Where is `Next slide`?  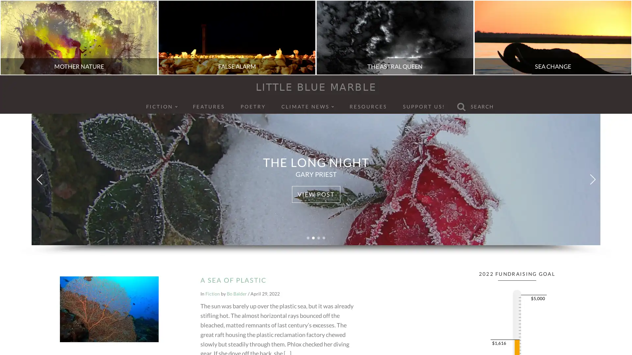
Next slide is located at coordinates (592, 179).